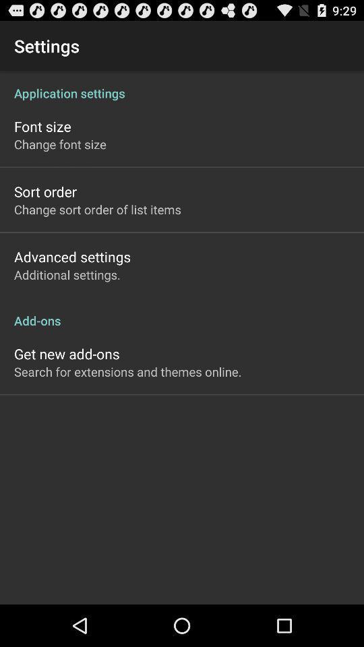 Image resolution: width=364 pixels, height=647 pixels. I want to click on item above the add-ons icon, so click(66, 274).